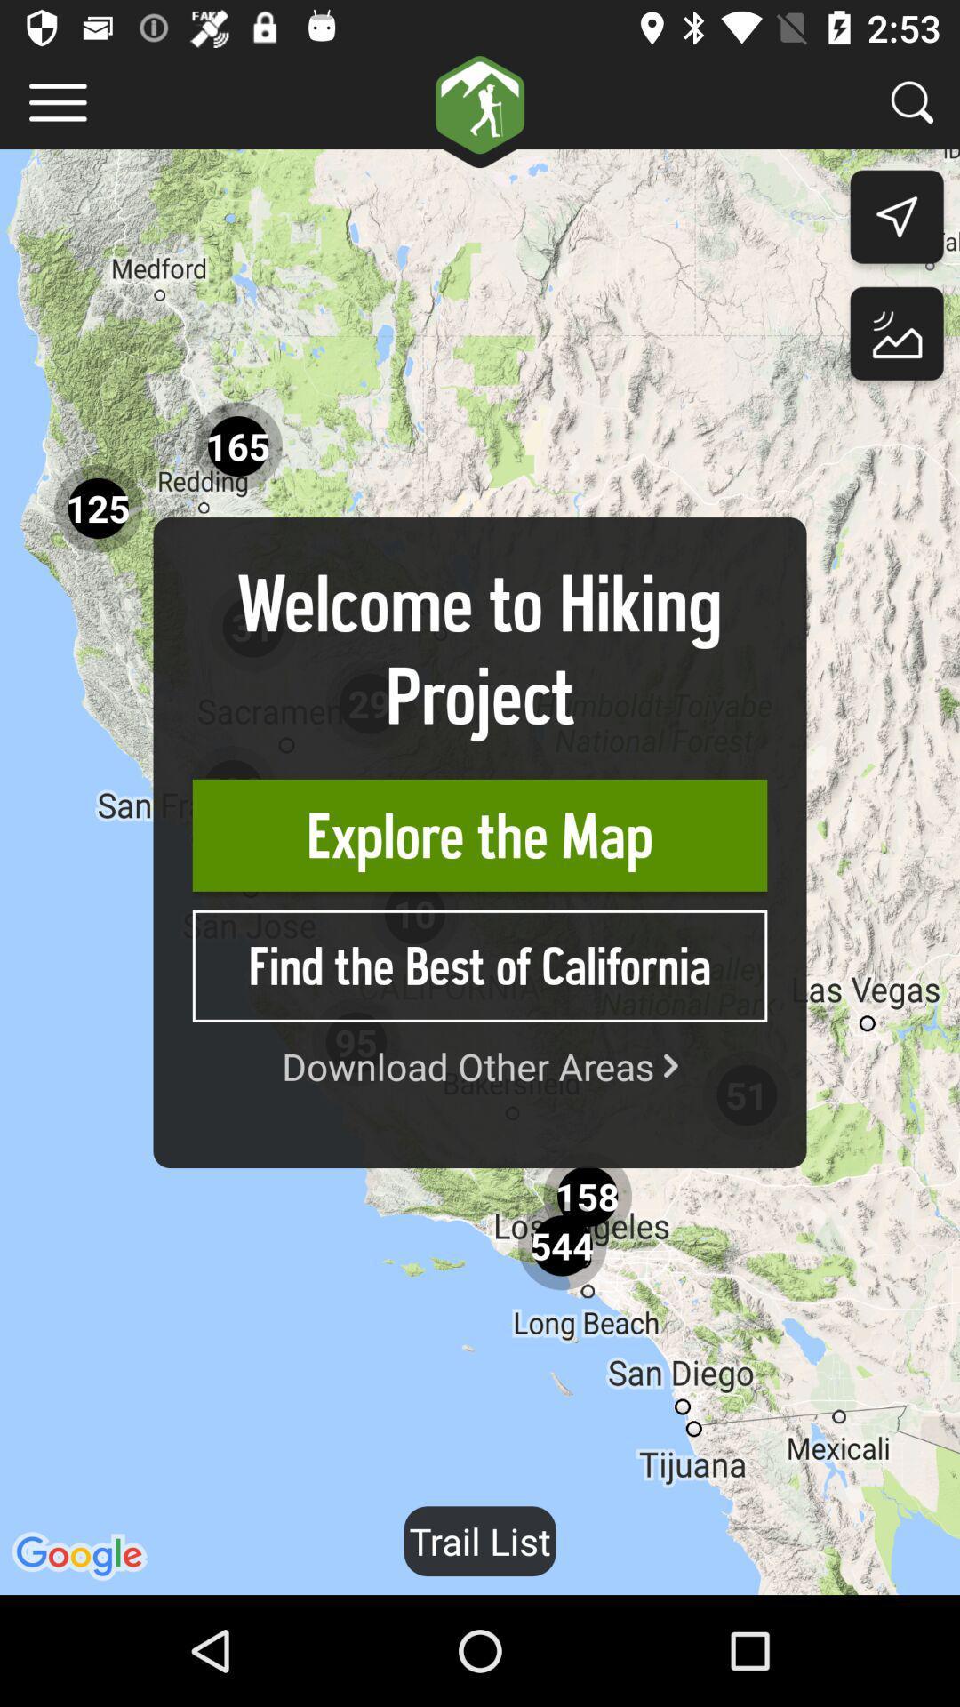 The height and width of the screenshot is (1707, 960). Describe the element at coordinates (912, 101) in the screenshot. I see `search` at that location.